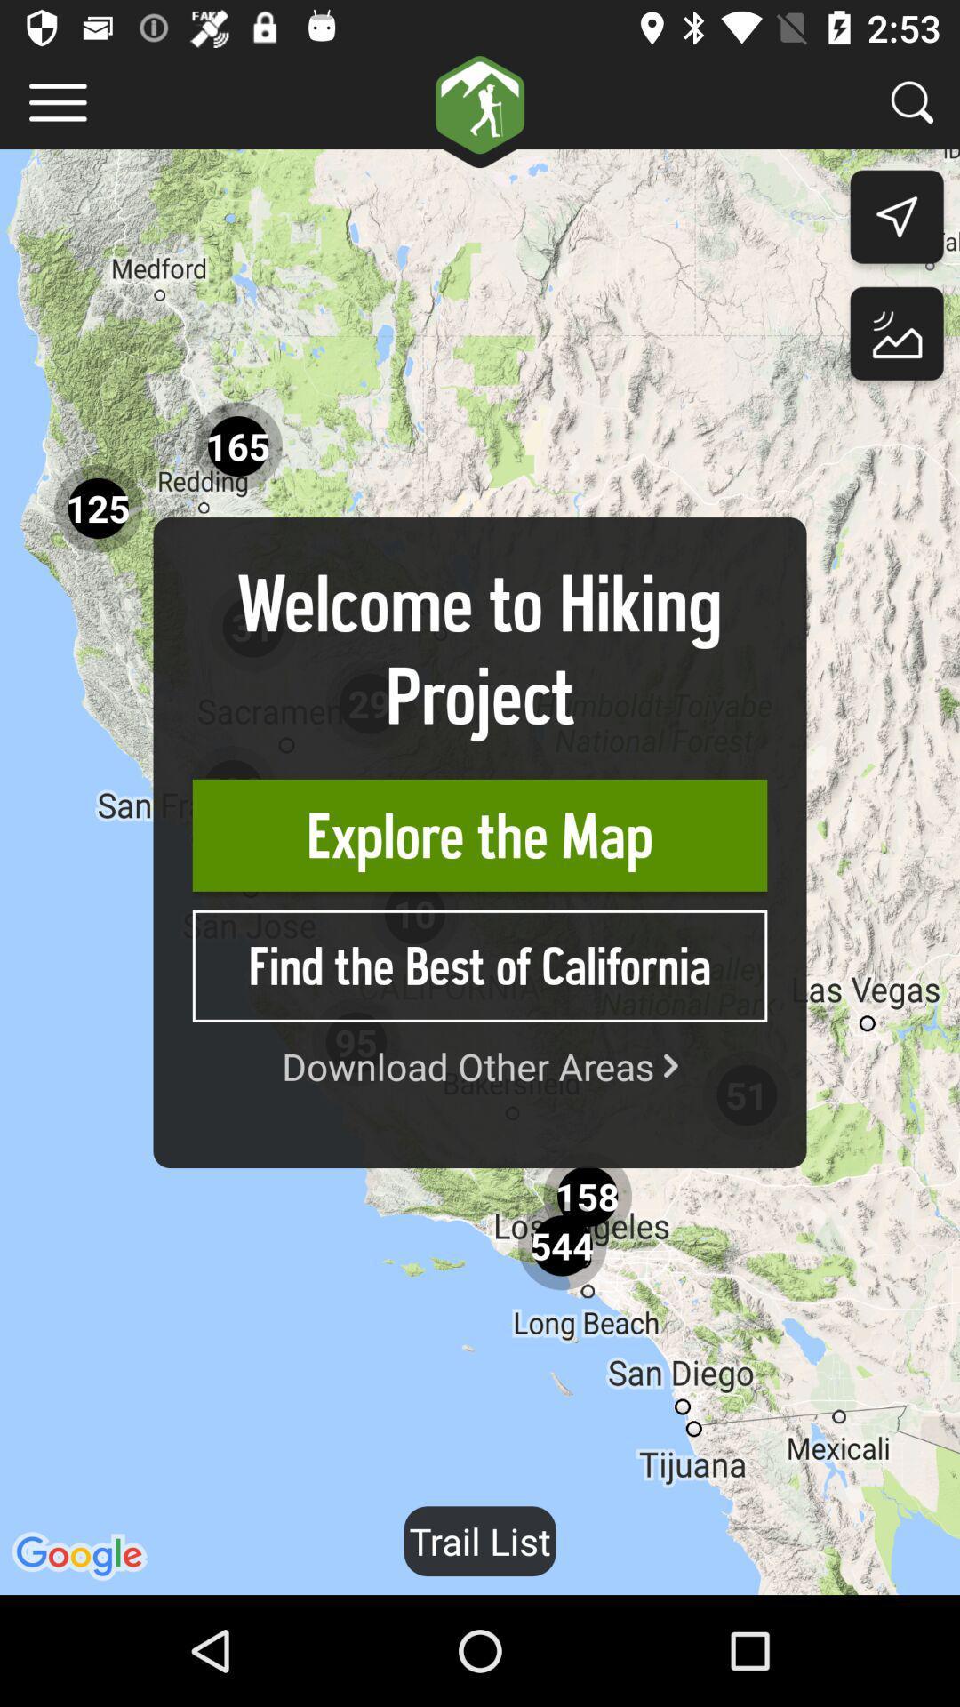 The height and width of the screenshot is (1707, 960). Describe the element at coordinates (912, 101) in the screenshot. I see `search` at that location.